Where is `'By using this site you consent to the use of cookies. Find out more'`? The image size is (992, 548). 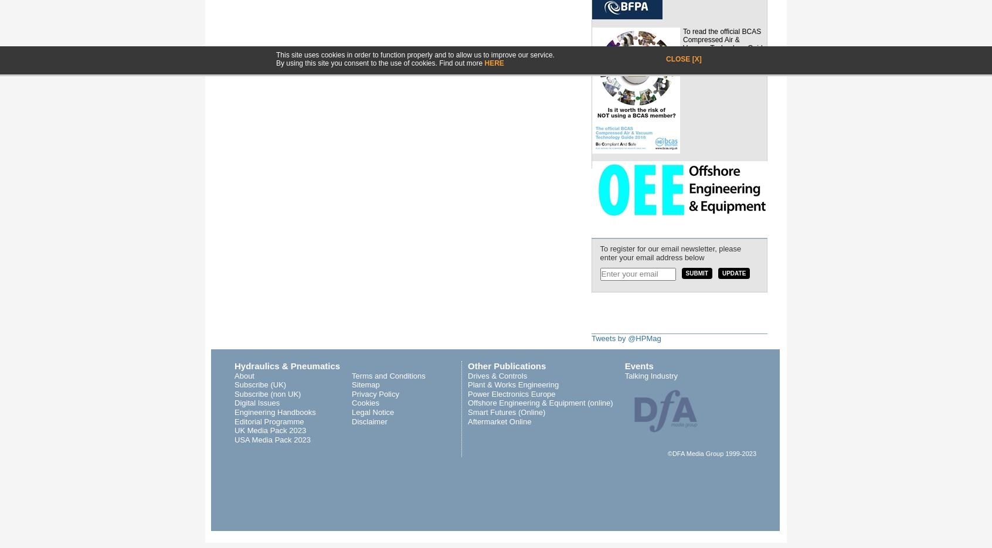
'By using this site you consent to the use of cookies. Find out more' is located at coordinates (380, 62).